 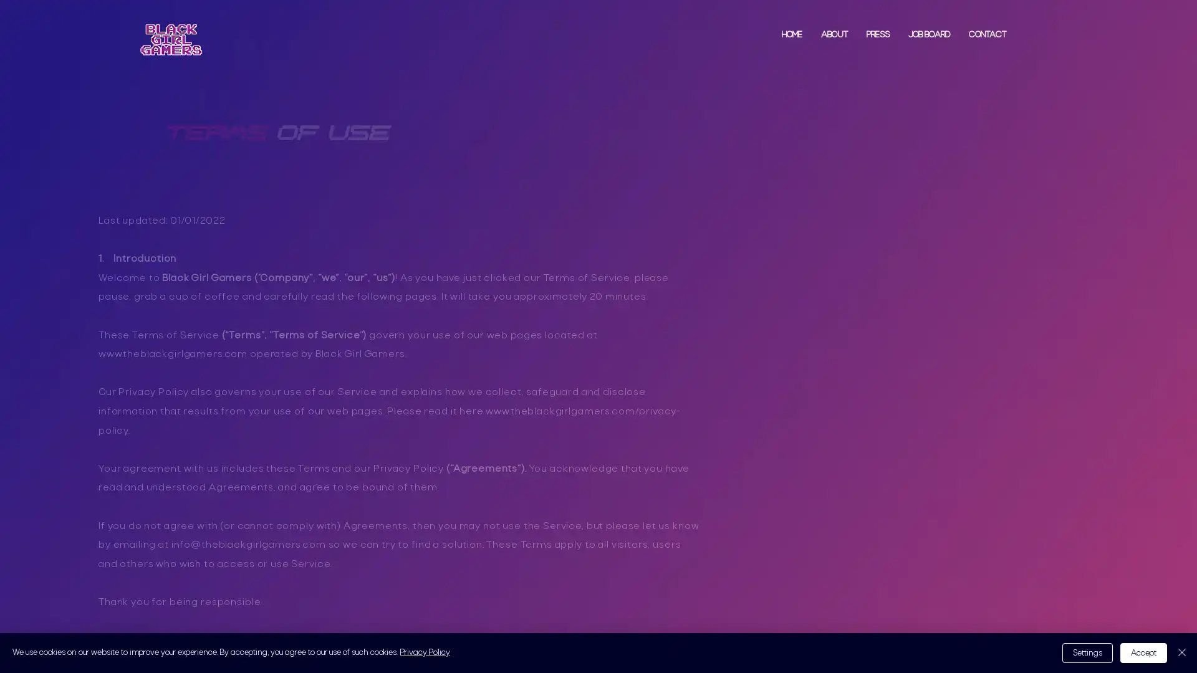 I want to click on Close, so click(x=1181, y=652).